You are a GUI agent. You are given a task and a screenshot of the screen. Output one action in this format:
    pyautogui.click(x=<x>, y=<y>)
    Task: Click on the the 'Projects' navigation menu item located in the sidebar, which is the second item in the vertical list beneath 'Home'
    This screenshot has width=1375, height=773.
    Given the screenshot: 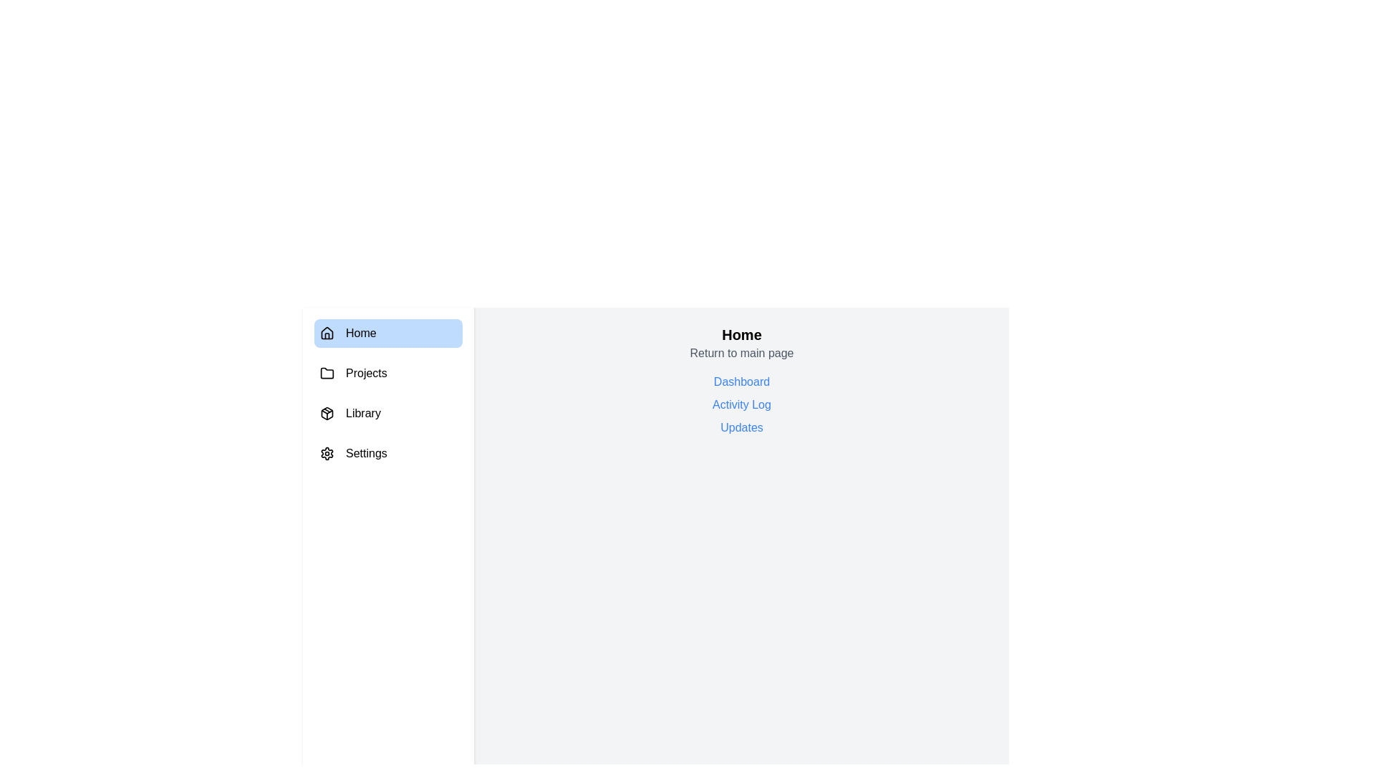 What is the action you would take?
    pyautogui.click(x=388, y=372)
    